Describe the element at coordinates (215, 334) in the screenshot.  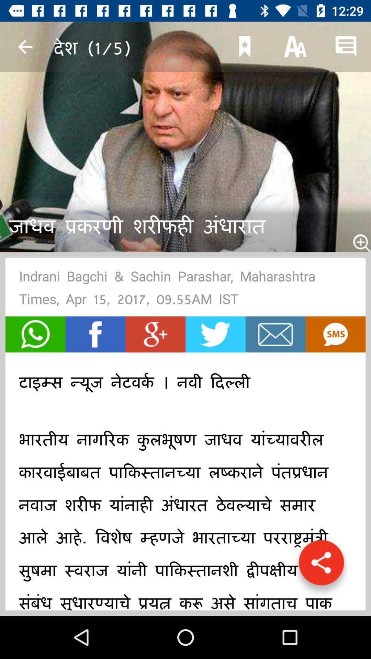
I see `item below indrani bagchi sachin` at that location.